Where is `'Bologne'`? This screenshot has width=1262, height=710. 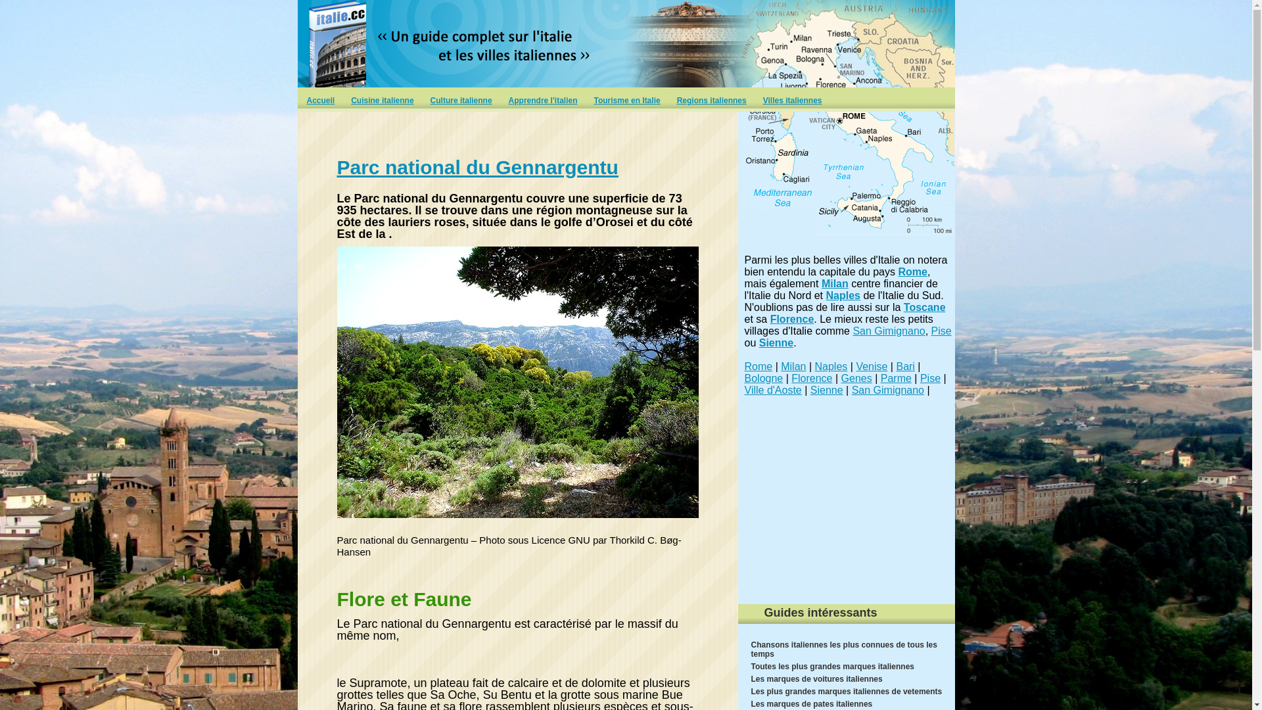
'Bologne' is located at coordinates (763, 378).